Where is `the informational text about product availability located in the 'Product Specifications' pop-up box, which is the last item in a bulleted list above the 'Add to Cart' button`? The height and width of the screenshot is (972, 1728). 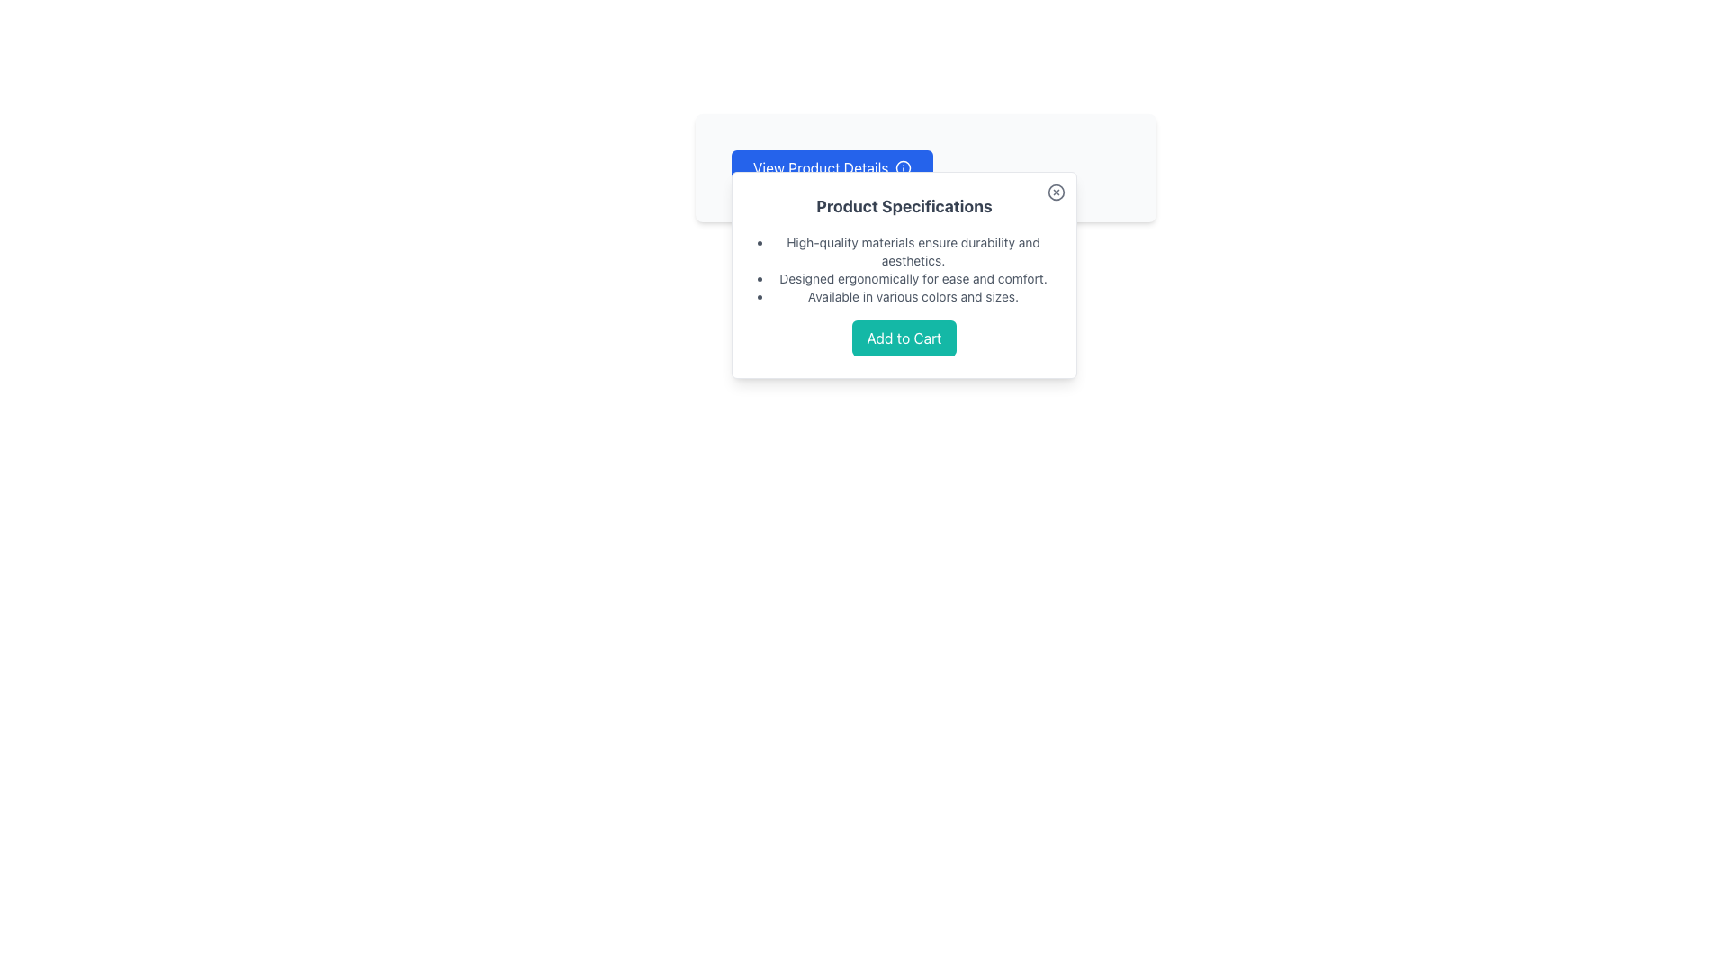 the informational text about product availability located in the 'Product Specifications' pop-up box, which is the last item in a bulleted list above the 'Add to Cart' button is located at coordinates (913, 296).